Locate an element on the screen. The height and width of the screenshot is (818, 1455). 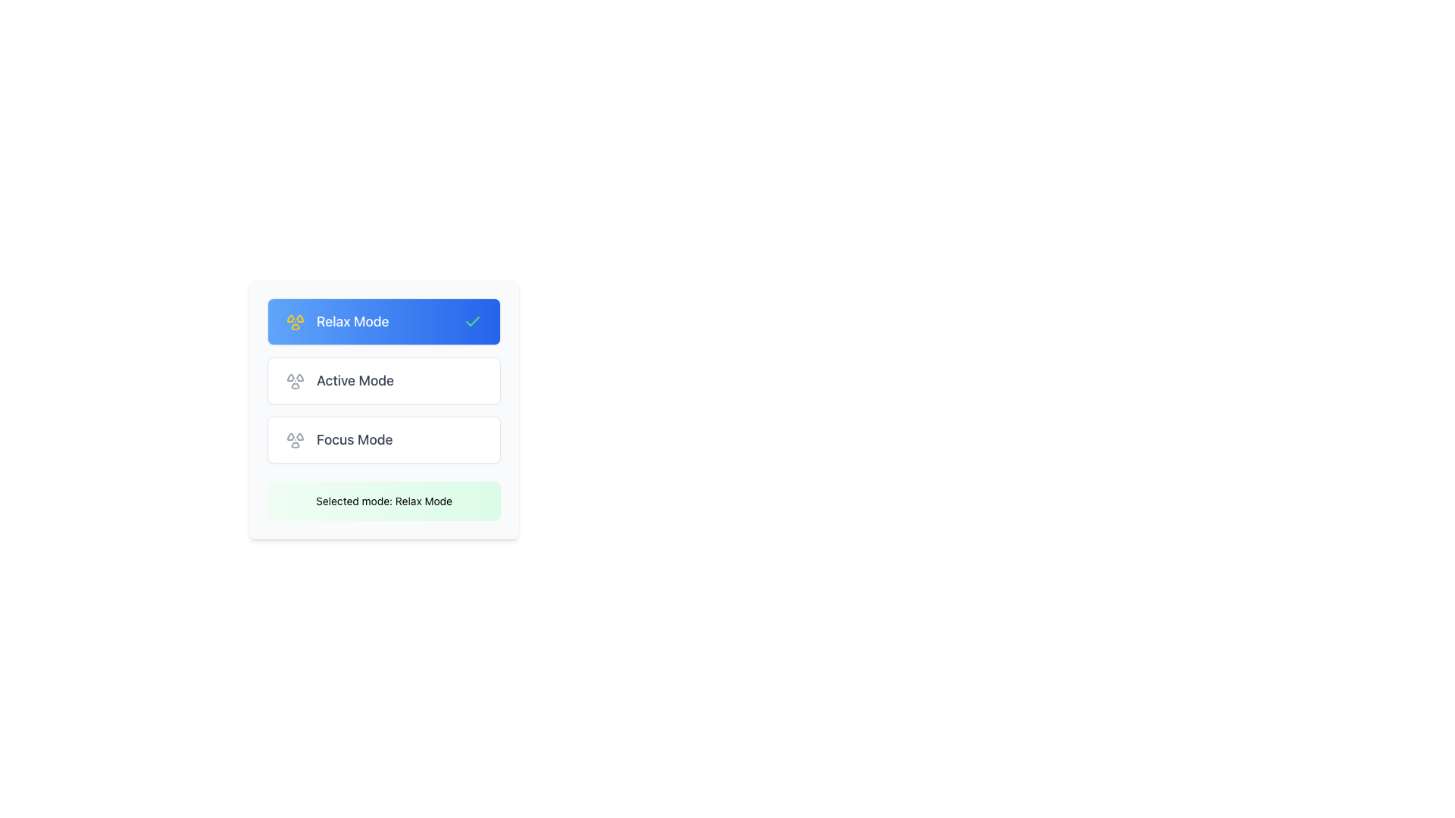
the 'Active Mode' button within the vertically stacked menu is located at coordinates (384, 409).